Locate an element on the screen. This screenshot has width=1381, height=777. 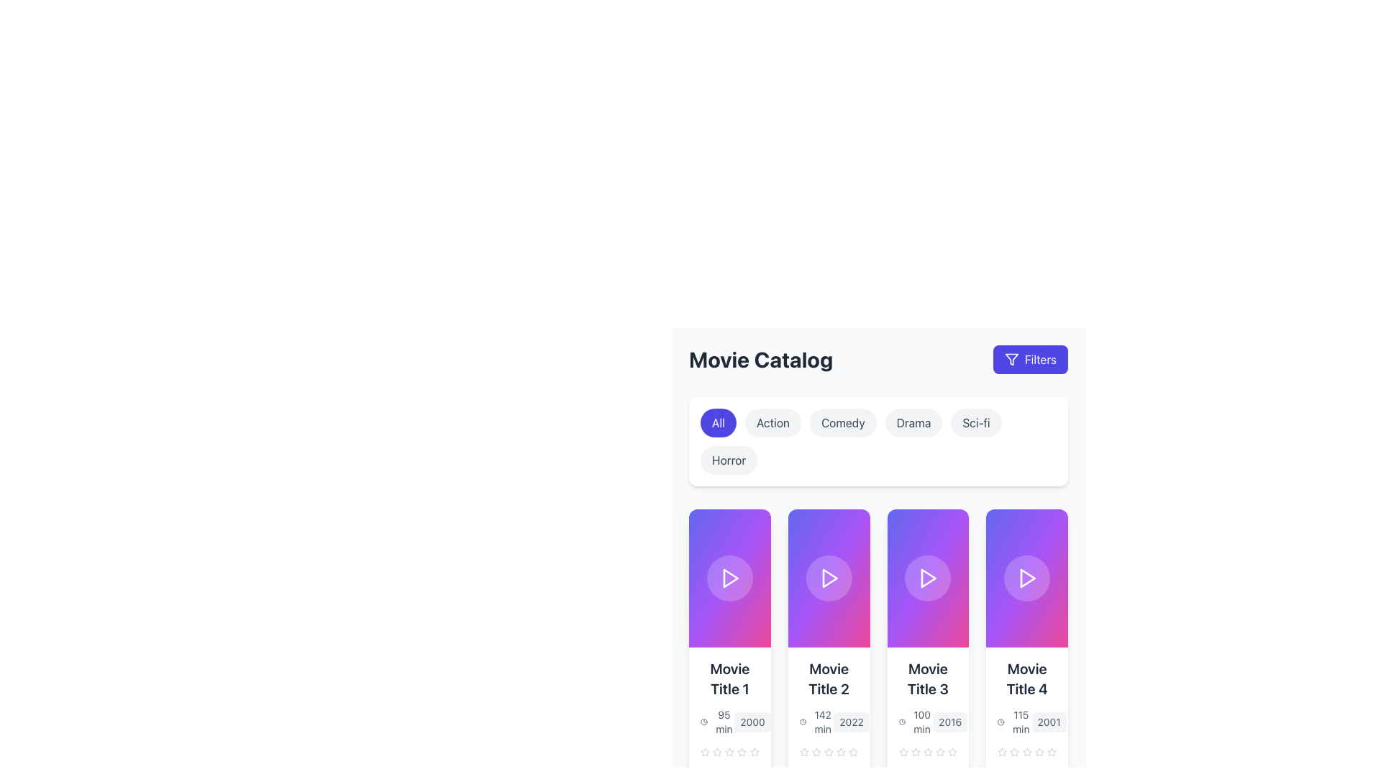
the third star icon from the left in the rating system below the card titled 'Movie Title 2' to rate it is located at coordinates (816, 751).